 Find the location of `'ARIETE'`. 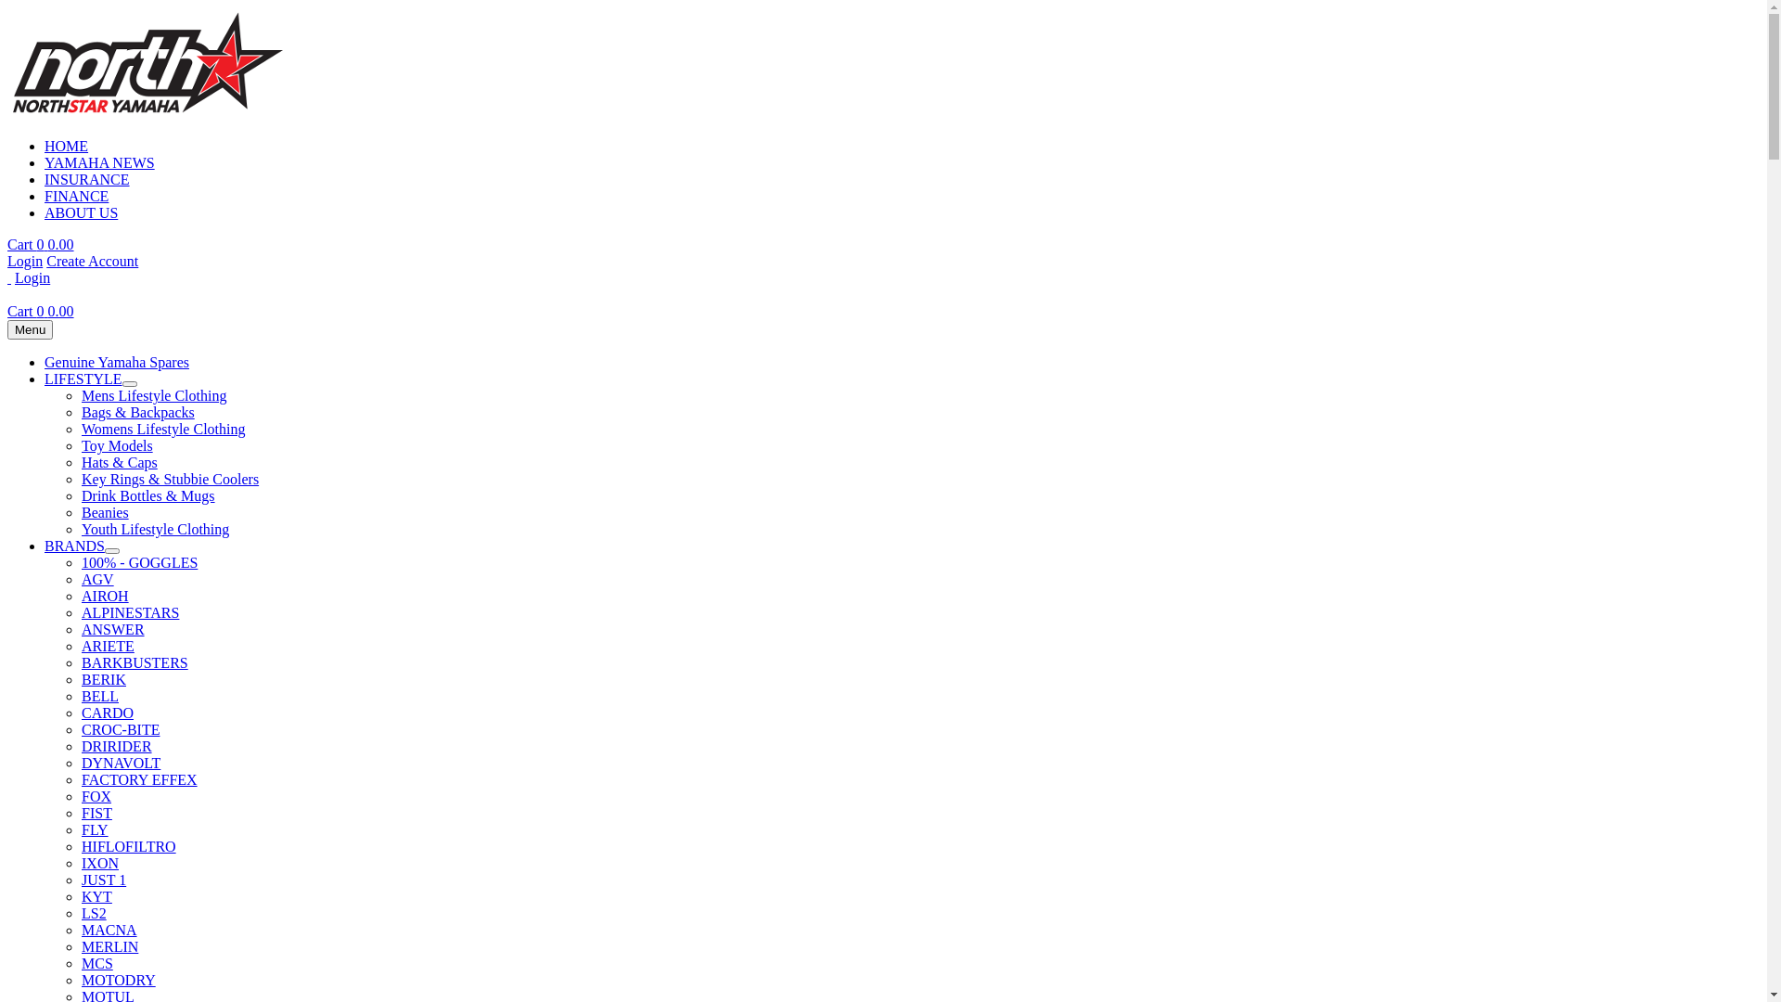

'ARIETE' is located at coordinates (107, 645).